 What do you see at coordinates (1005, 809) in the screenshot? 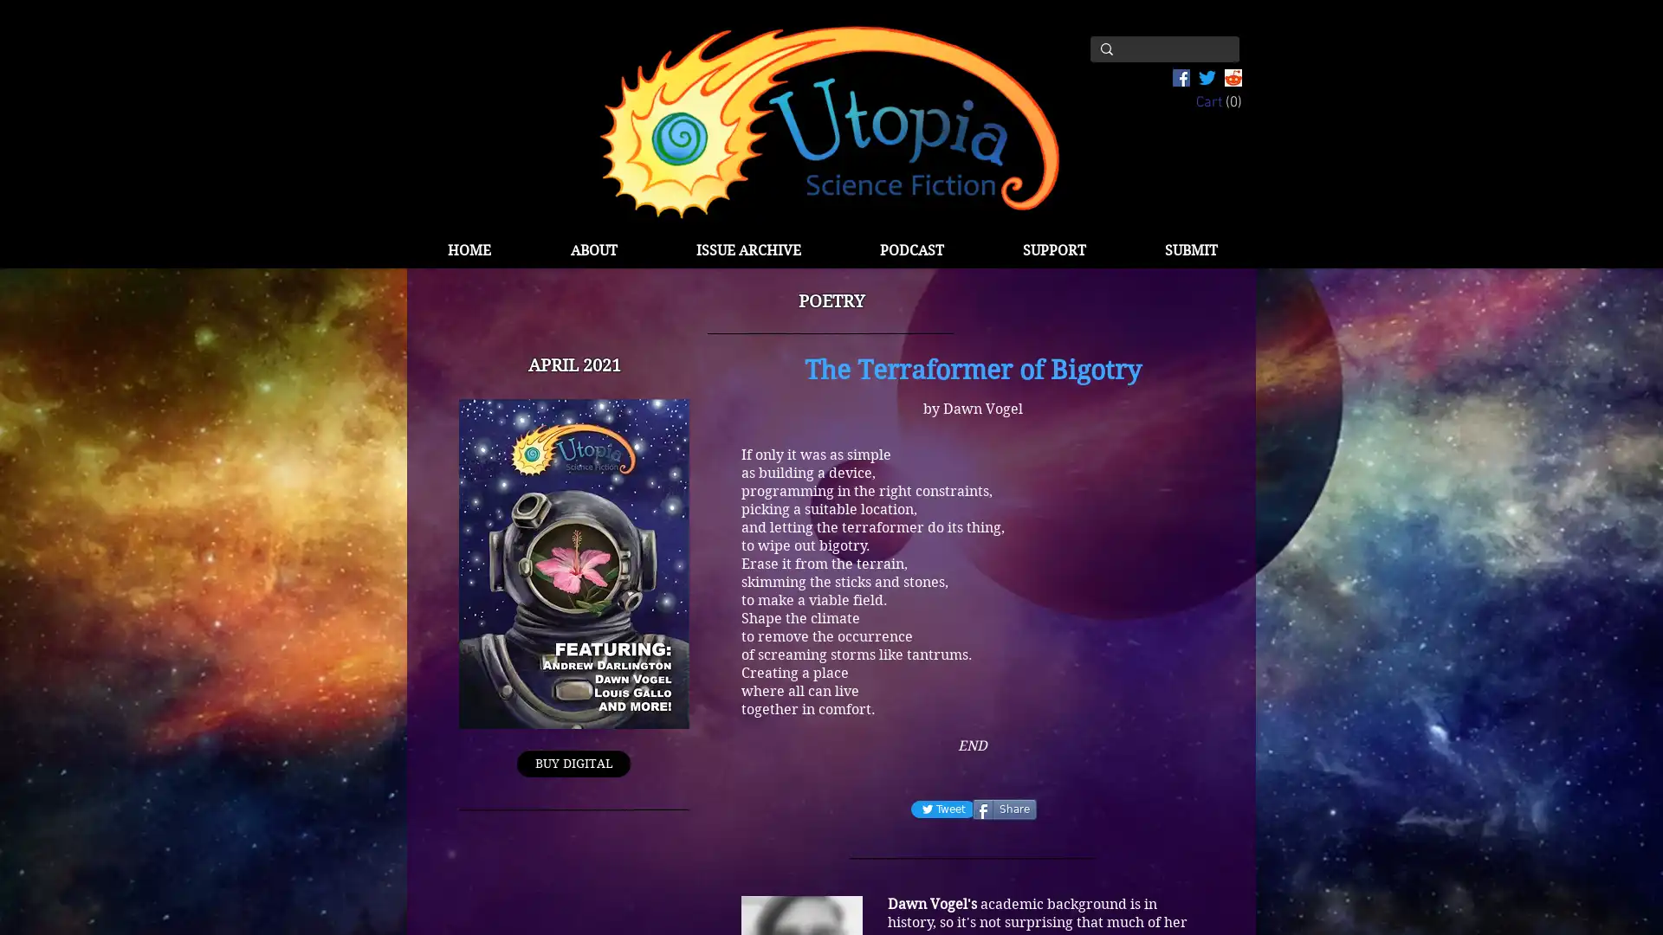
I see `Share` at bounding box center [1005, 809].